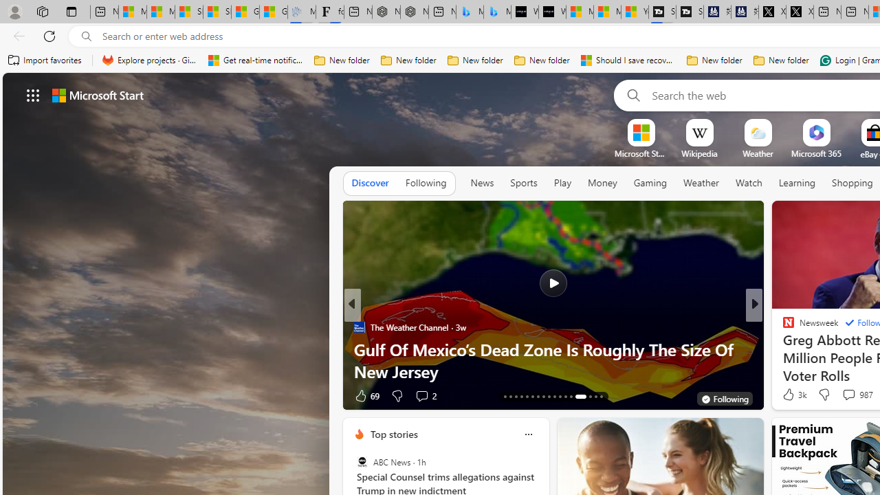 The height and width of the screenshot is (495, 880). Describe the element at coordinates (565, 397) in the screenshot. I see `'AutomationID: tab-24'` at that location.